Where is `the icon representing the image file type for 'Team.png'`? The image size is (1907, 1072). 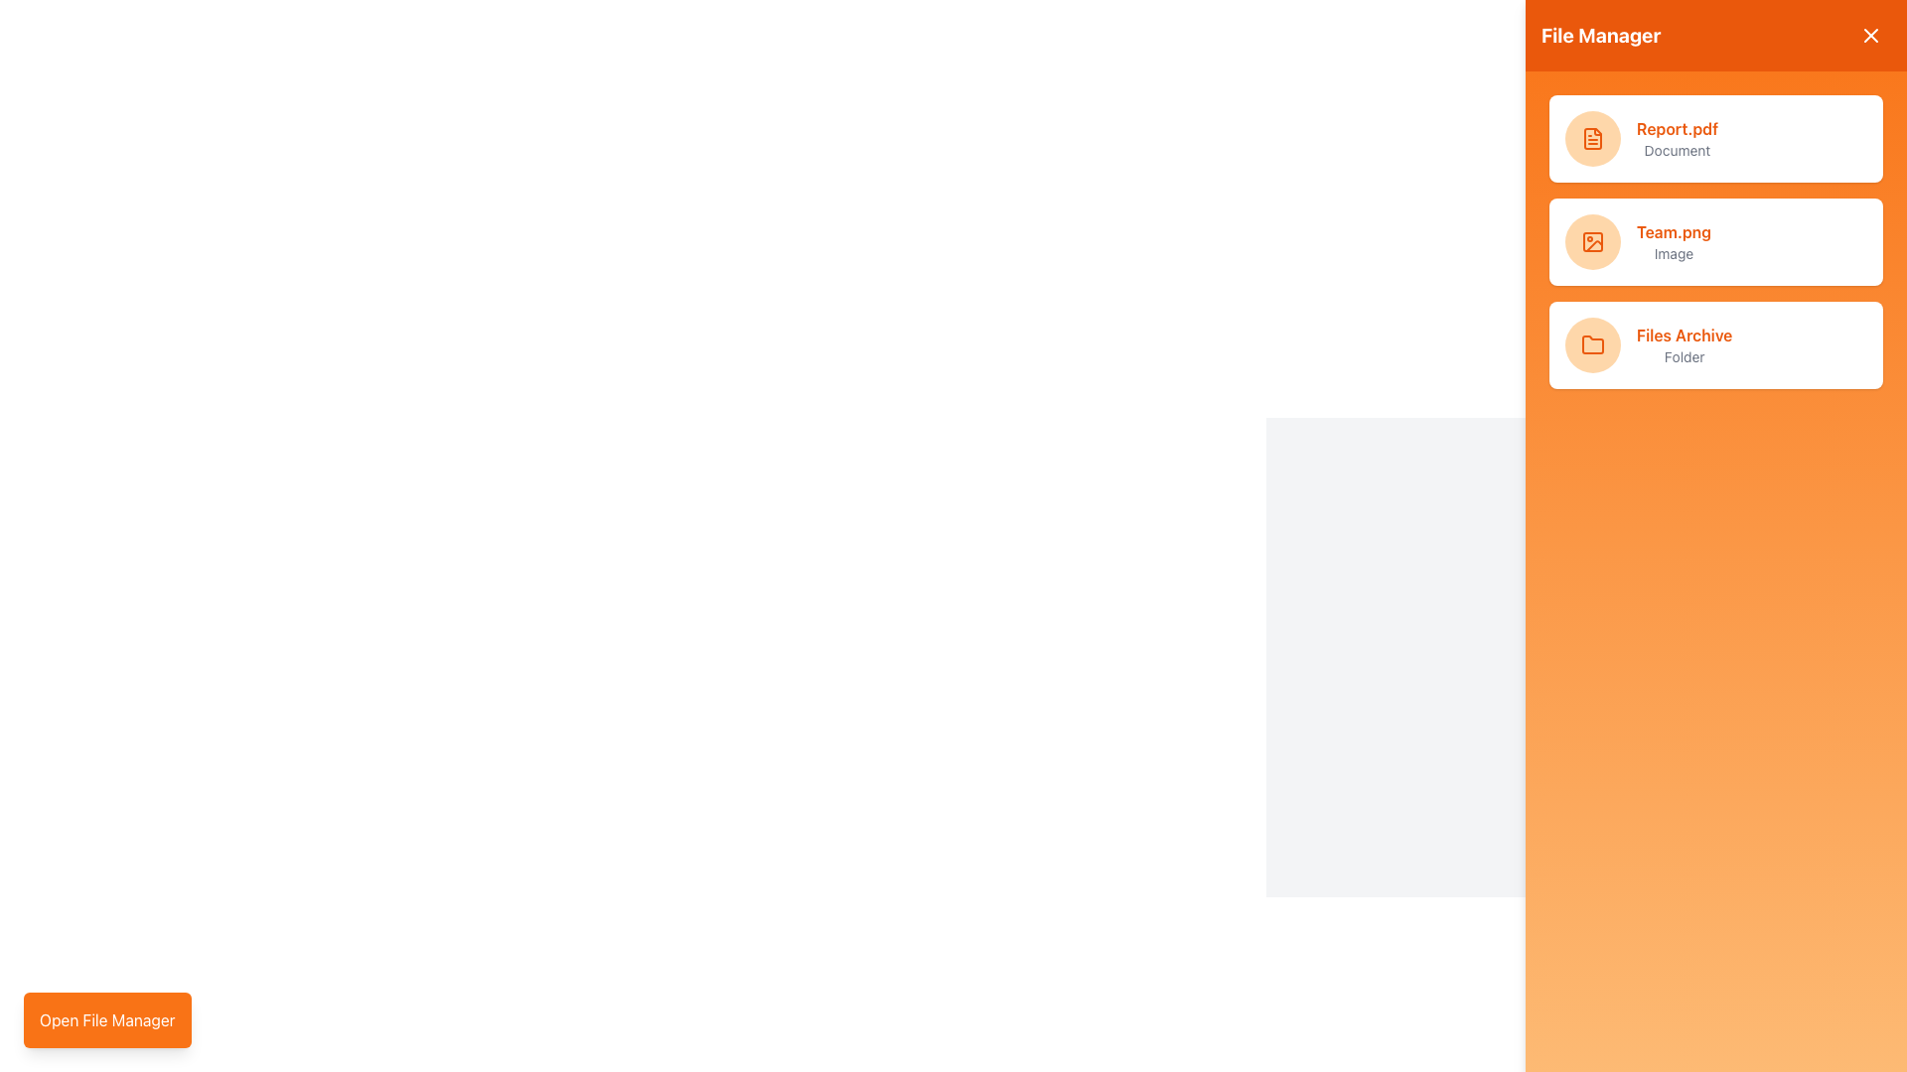 the icon representing the image file type for 'Team.png' is located at coordinates (1592, 240).